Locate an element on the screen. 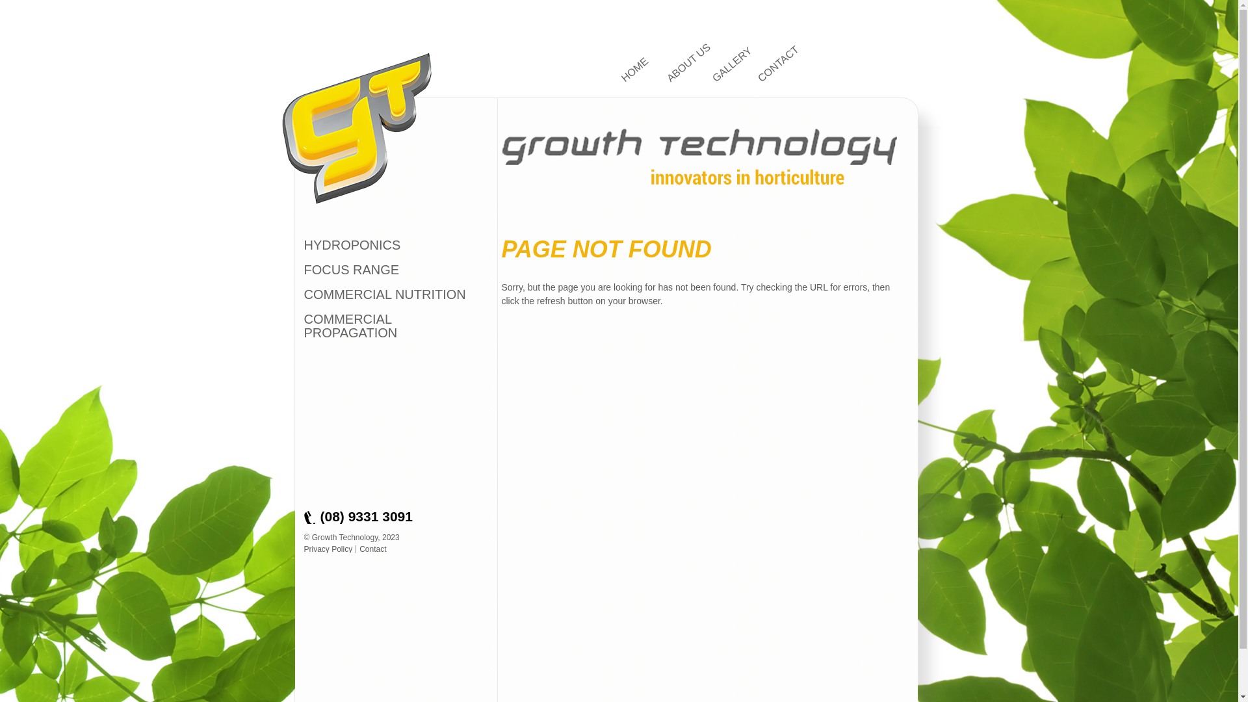 Image resolution: width=1248 pixels, height=702 pixels. 'FOCUS RANGE' is located at coordinates (352, 269).